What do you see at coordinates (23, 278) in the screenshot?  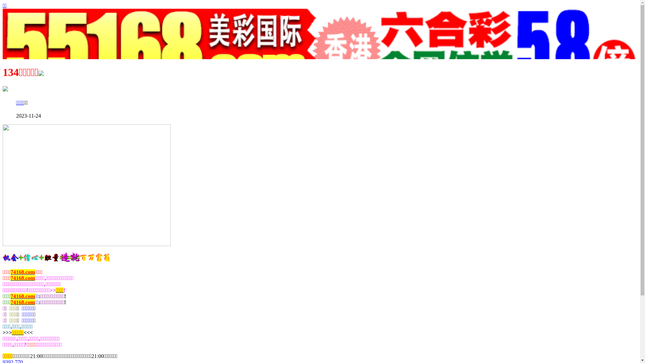 I see `'74168.com'` at bounding box center [23, 278].